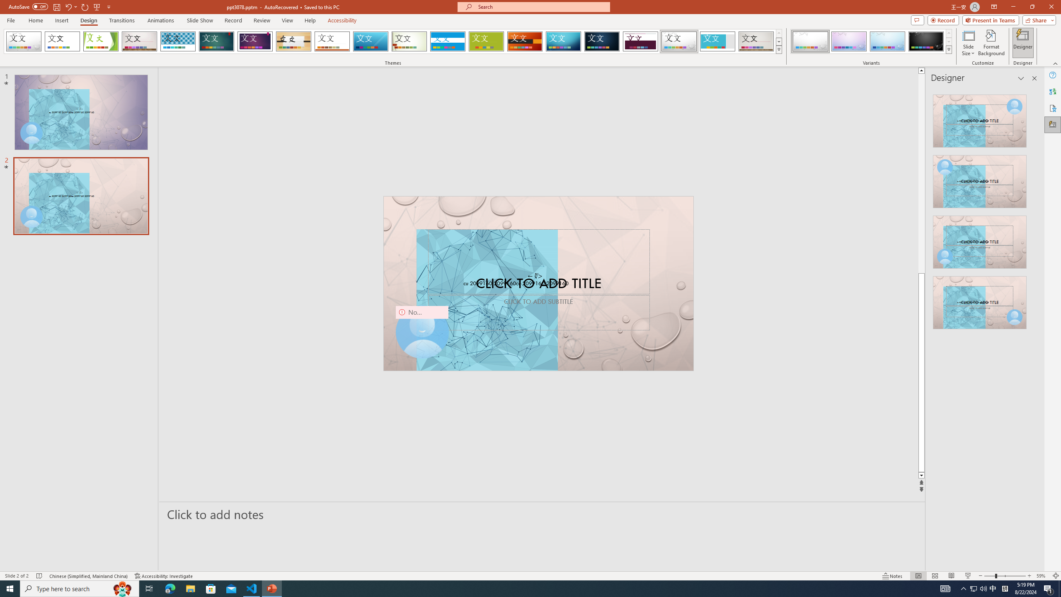 This screenshot has width=1061, height=597. What do you see at coordinates (62, 41) in the screenshot?
I see `'Office Theme'` at bounding box center [62, 41].